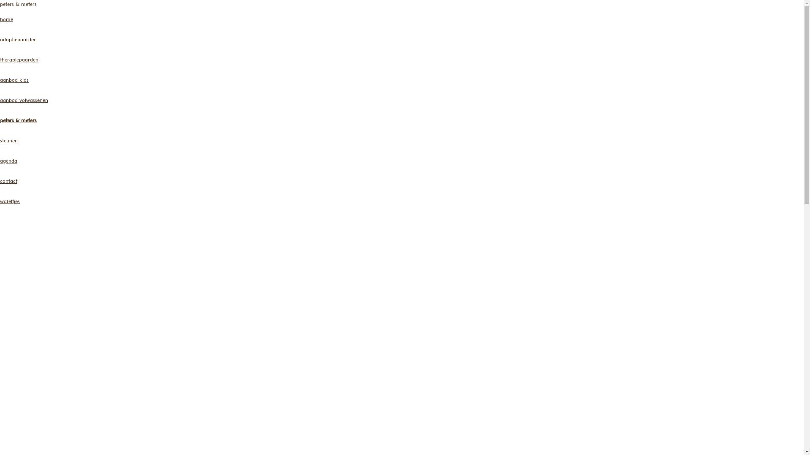  I want to click on 'therapiepaarden', so click(0, 60).